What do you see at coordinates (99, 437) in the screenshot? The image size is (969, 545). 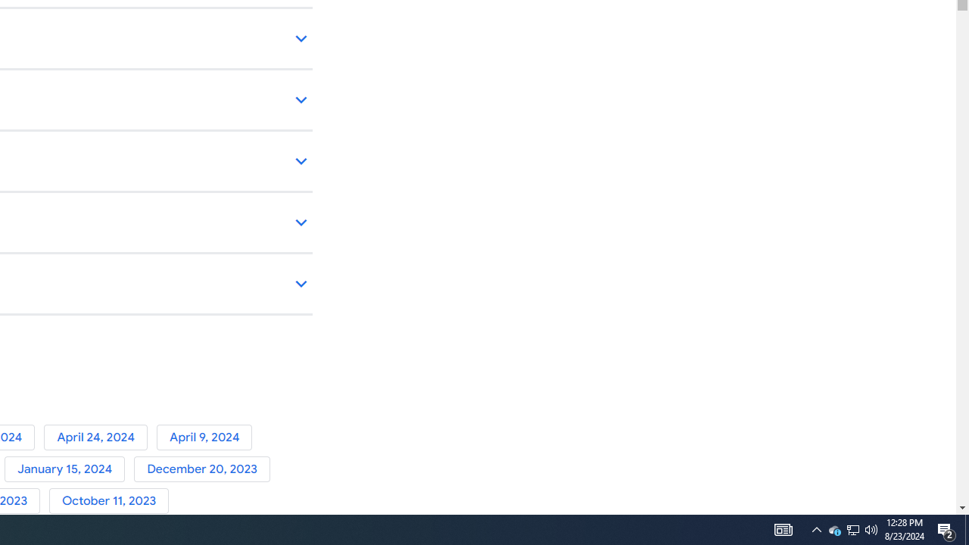 I see `'April 24, 2024'` at bounding box center [99, 437].